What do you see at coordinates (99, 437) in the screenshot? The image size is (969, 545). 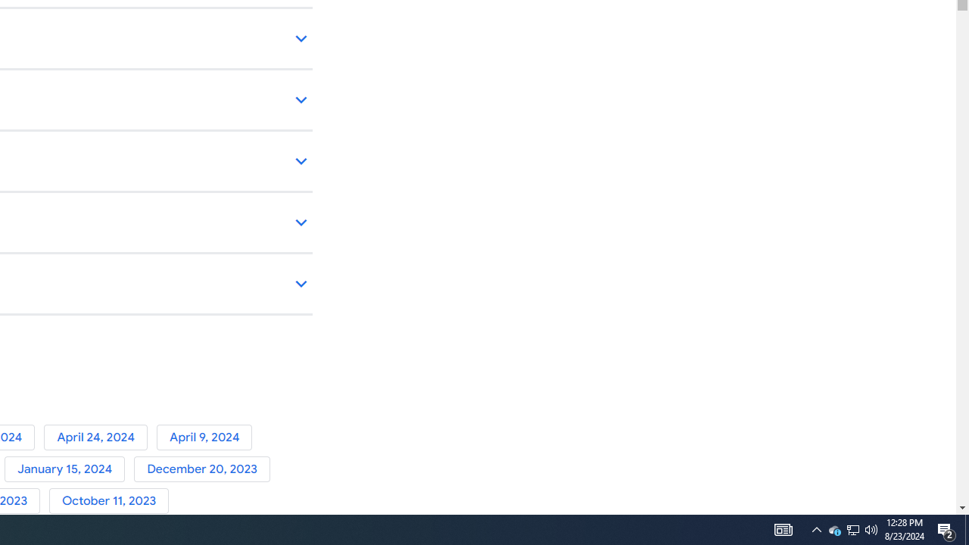 I see `'April 24, 2024'` at bounding box center [99, 437].